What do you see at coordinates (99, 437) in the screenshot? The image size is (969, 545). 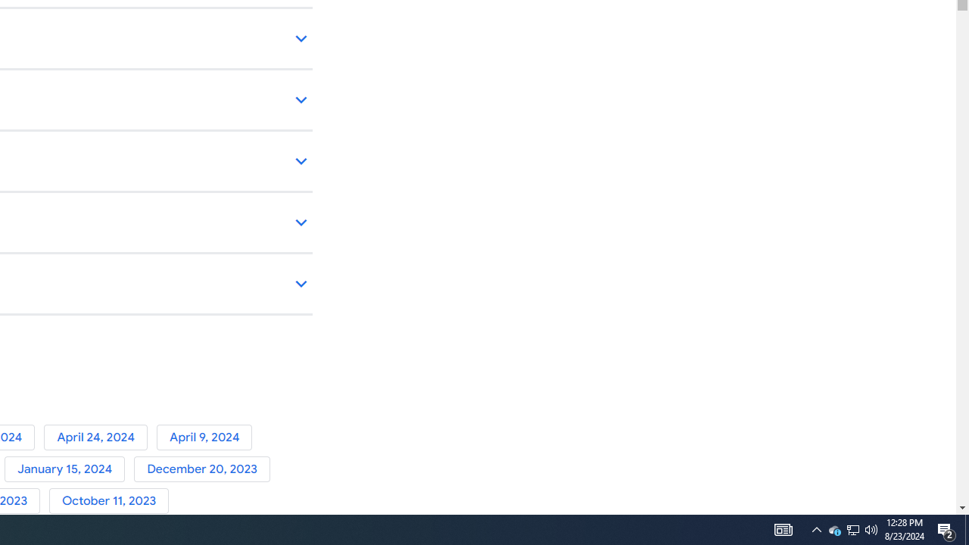 I see `'April 24, 2024'` at bounding box center [99, 437].